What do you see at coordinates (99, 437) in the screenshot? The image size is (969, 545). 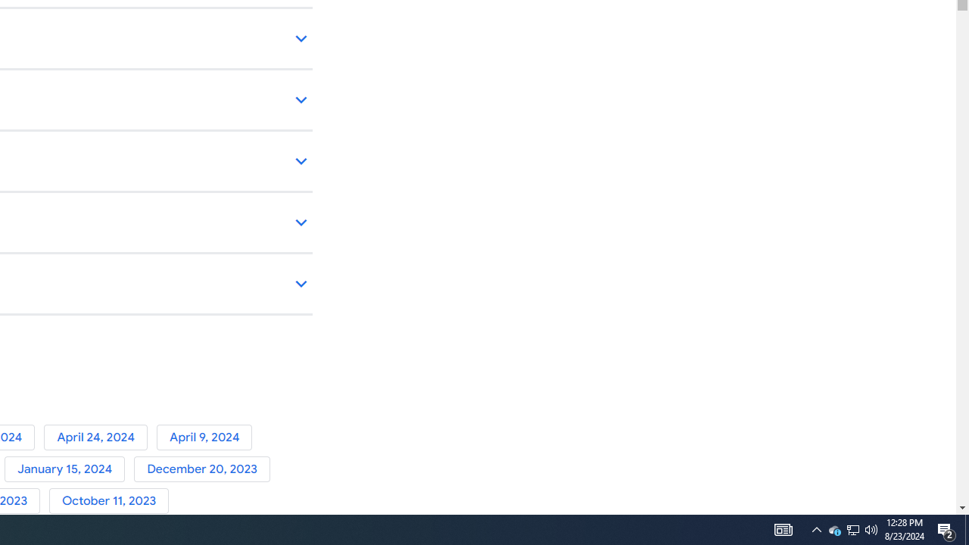 I see `'April 24, 2024'` at bounding box center [99, 437].